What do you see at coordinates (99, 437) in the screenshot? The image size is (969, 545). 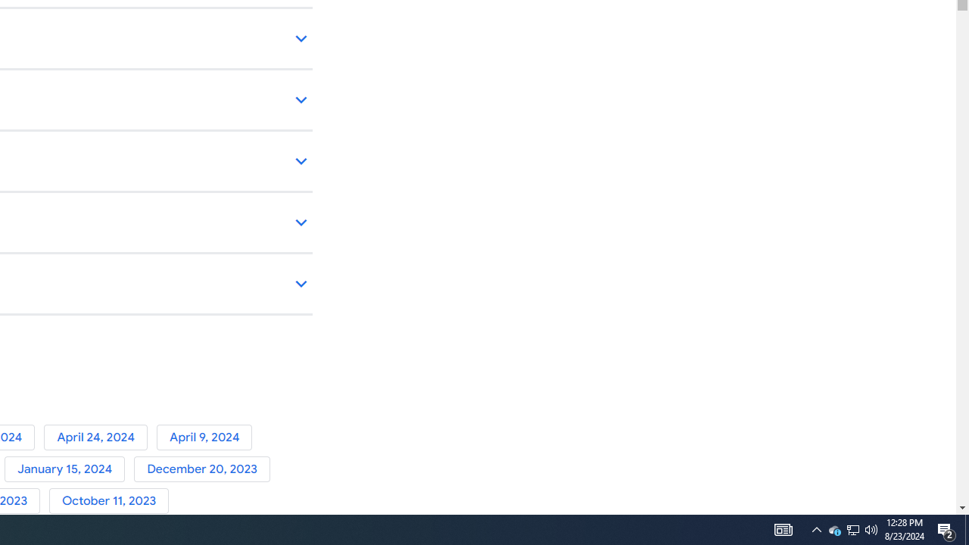 I see `'April 24, 2024'` at bounding box center [99, 437].